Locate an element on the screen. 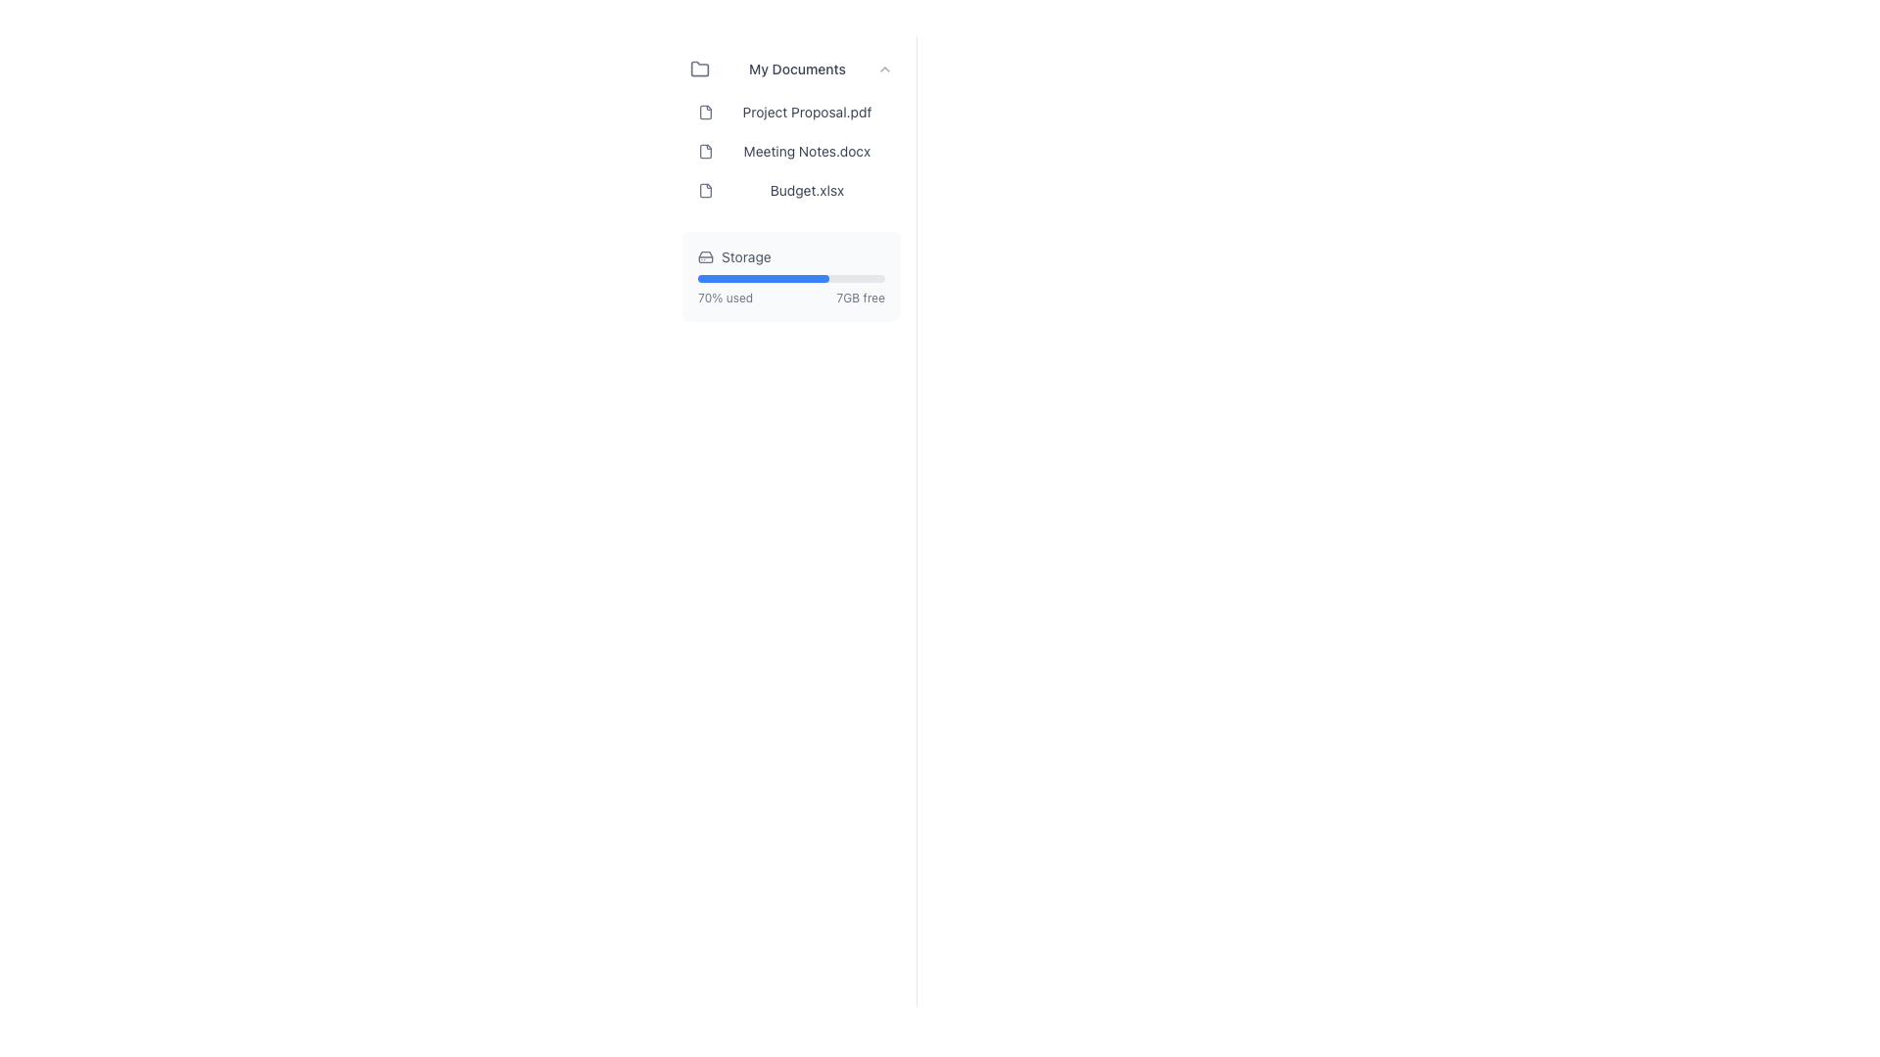 The height and width of the screenshot is (1057, 1880). the decorative folder icon associated with the 'My Documents' label is located at coordinates (700, 67).